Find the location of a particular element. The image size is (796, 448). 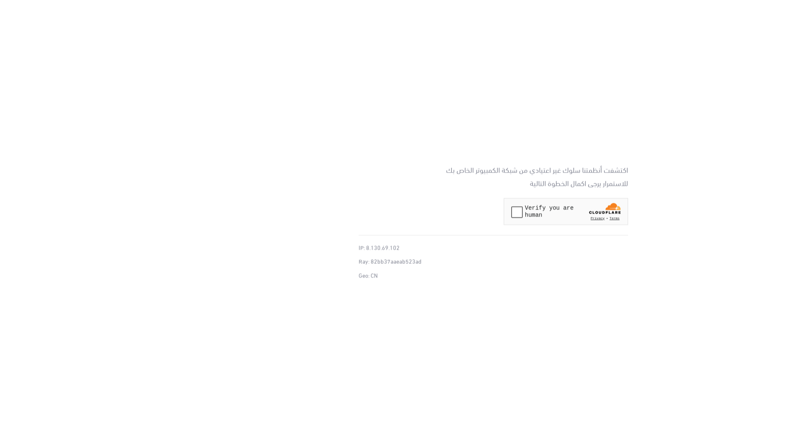

'Widget containing a Cloudflare security challenge' is located at coordinates (565, 211).